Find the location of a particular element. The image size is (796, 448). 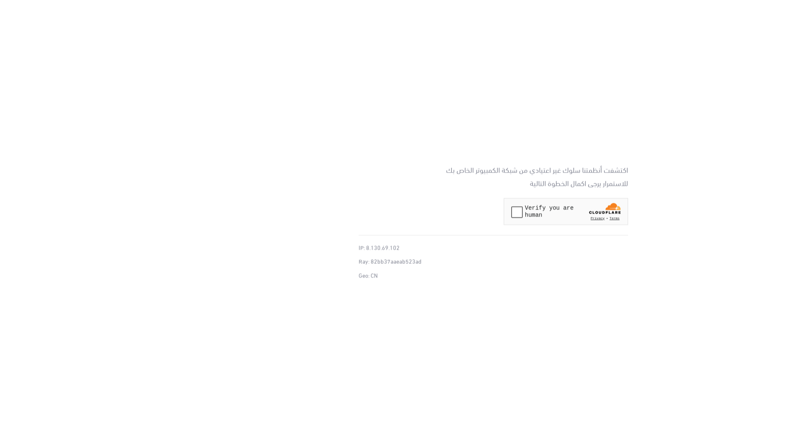

'Widget containing a Cloudflare security challenge' is located at coordinates (565, 211).